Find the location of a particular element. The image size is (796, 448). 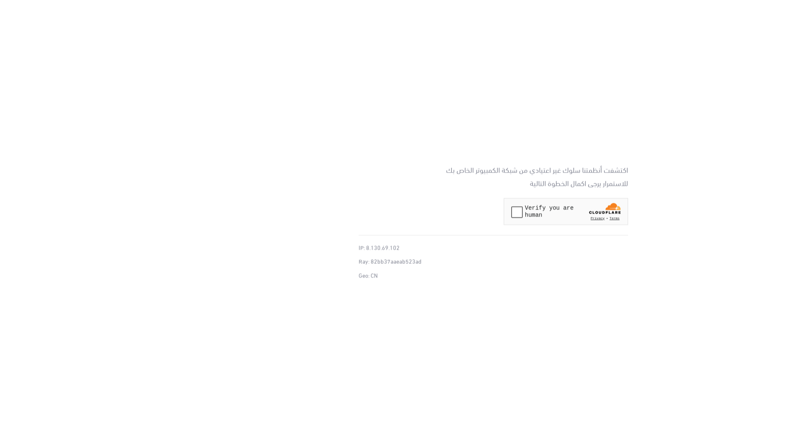

'Widget containing a Cloudflare security challenge' is located at coordinates (565, 211).